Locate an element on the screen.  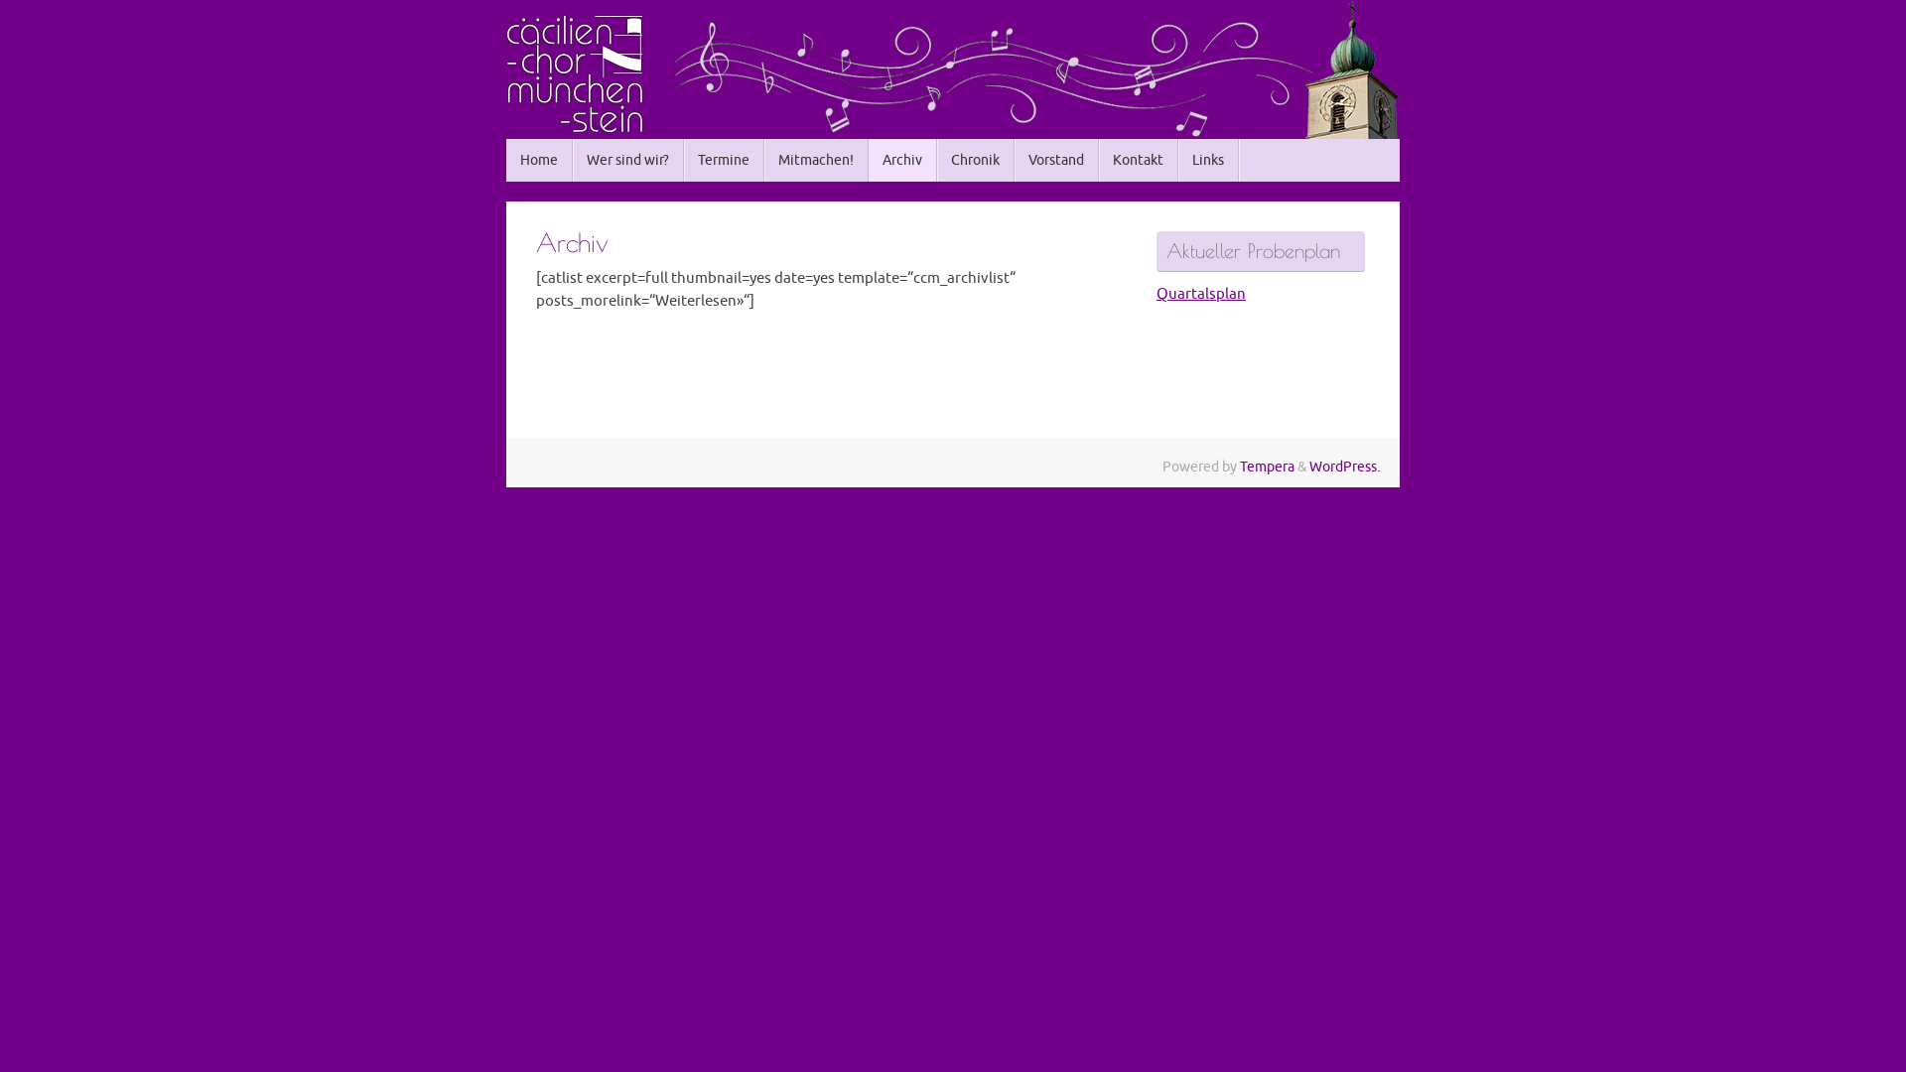
'Mitmachen!' is located at coordinates (816, 159).